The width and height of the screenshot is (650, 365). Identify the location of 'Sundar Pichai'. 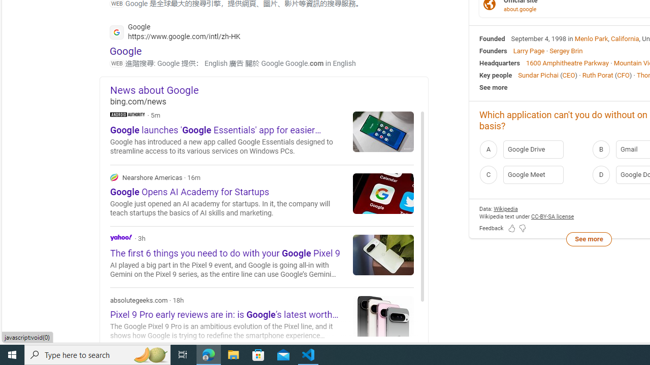
(537, 74).